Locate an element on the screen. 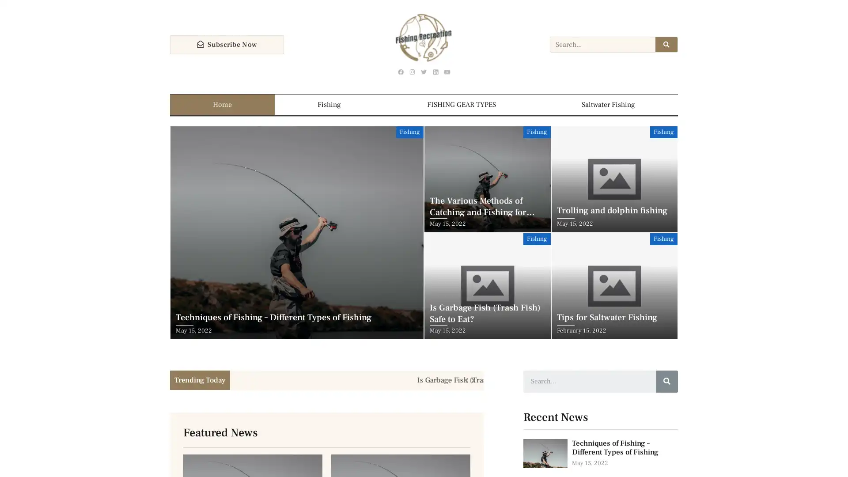 Image resolution: width=848 pixels, height=477 pixels. Search is located at coordinates (666, 44).